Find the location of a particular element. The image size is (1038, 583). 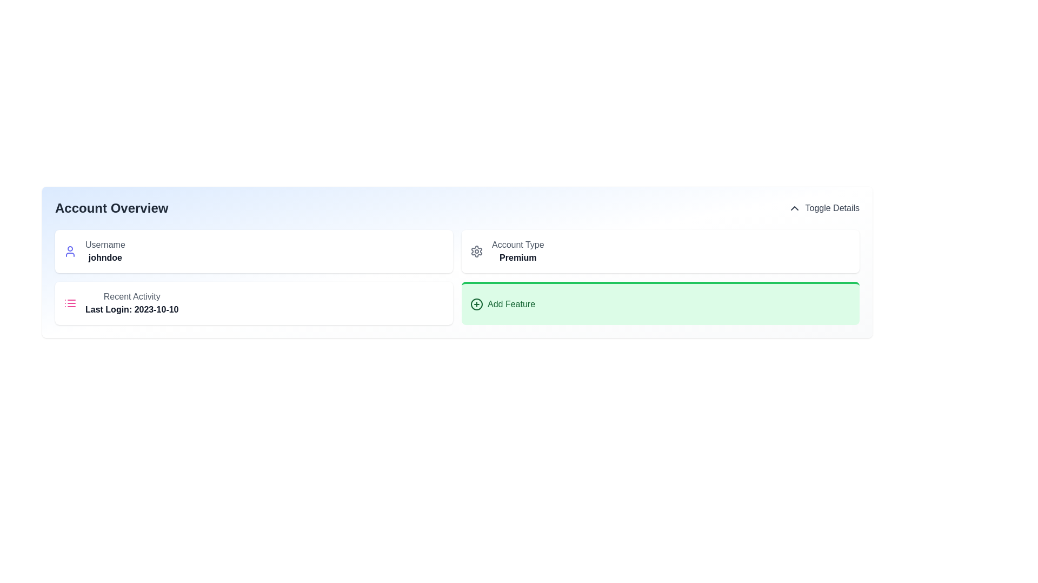

the 'Toggle Details' button located in the top-right corner of the 'Account Overview' header section to change its text color from gray to indigo is located at coordinates (823, 208).